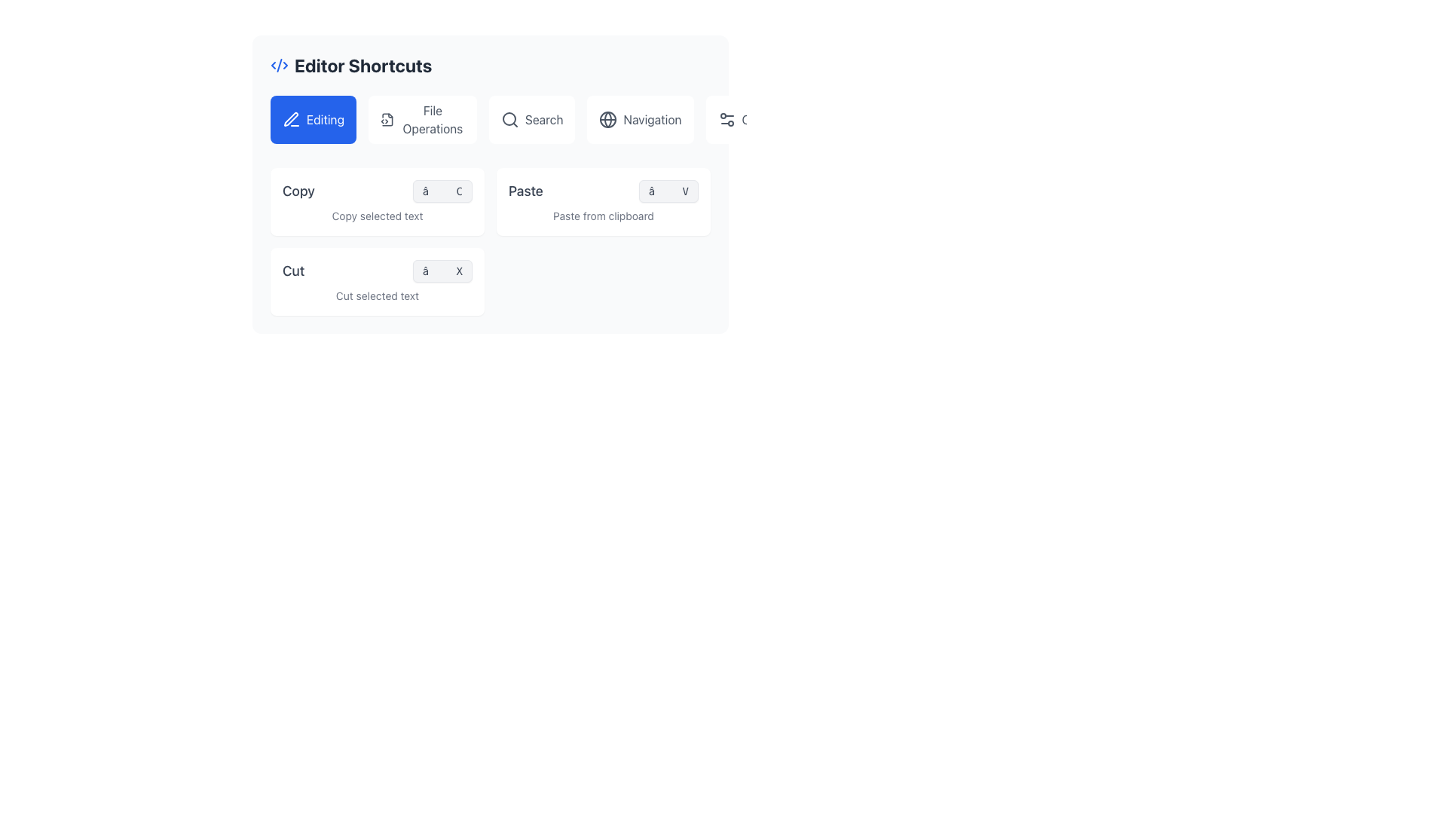  What do you see at coordinates (313, 118) in the screenshot?
I see `the blue rectangular button with a white pen icon and 'Editing' label` at bounding box center [313, 118].